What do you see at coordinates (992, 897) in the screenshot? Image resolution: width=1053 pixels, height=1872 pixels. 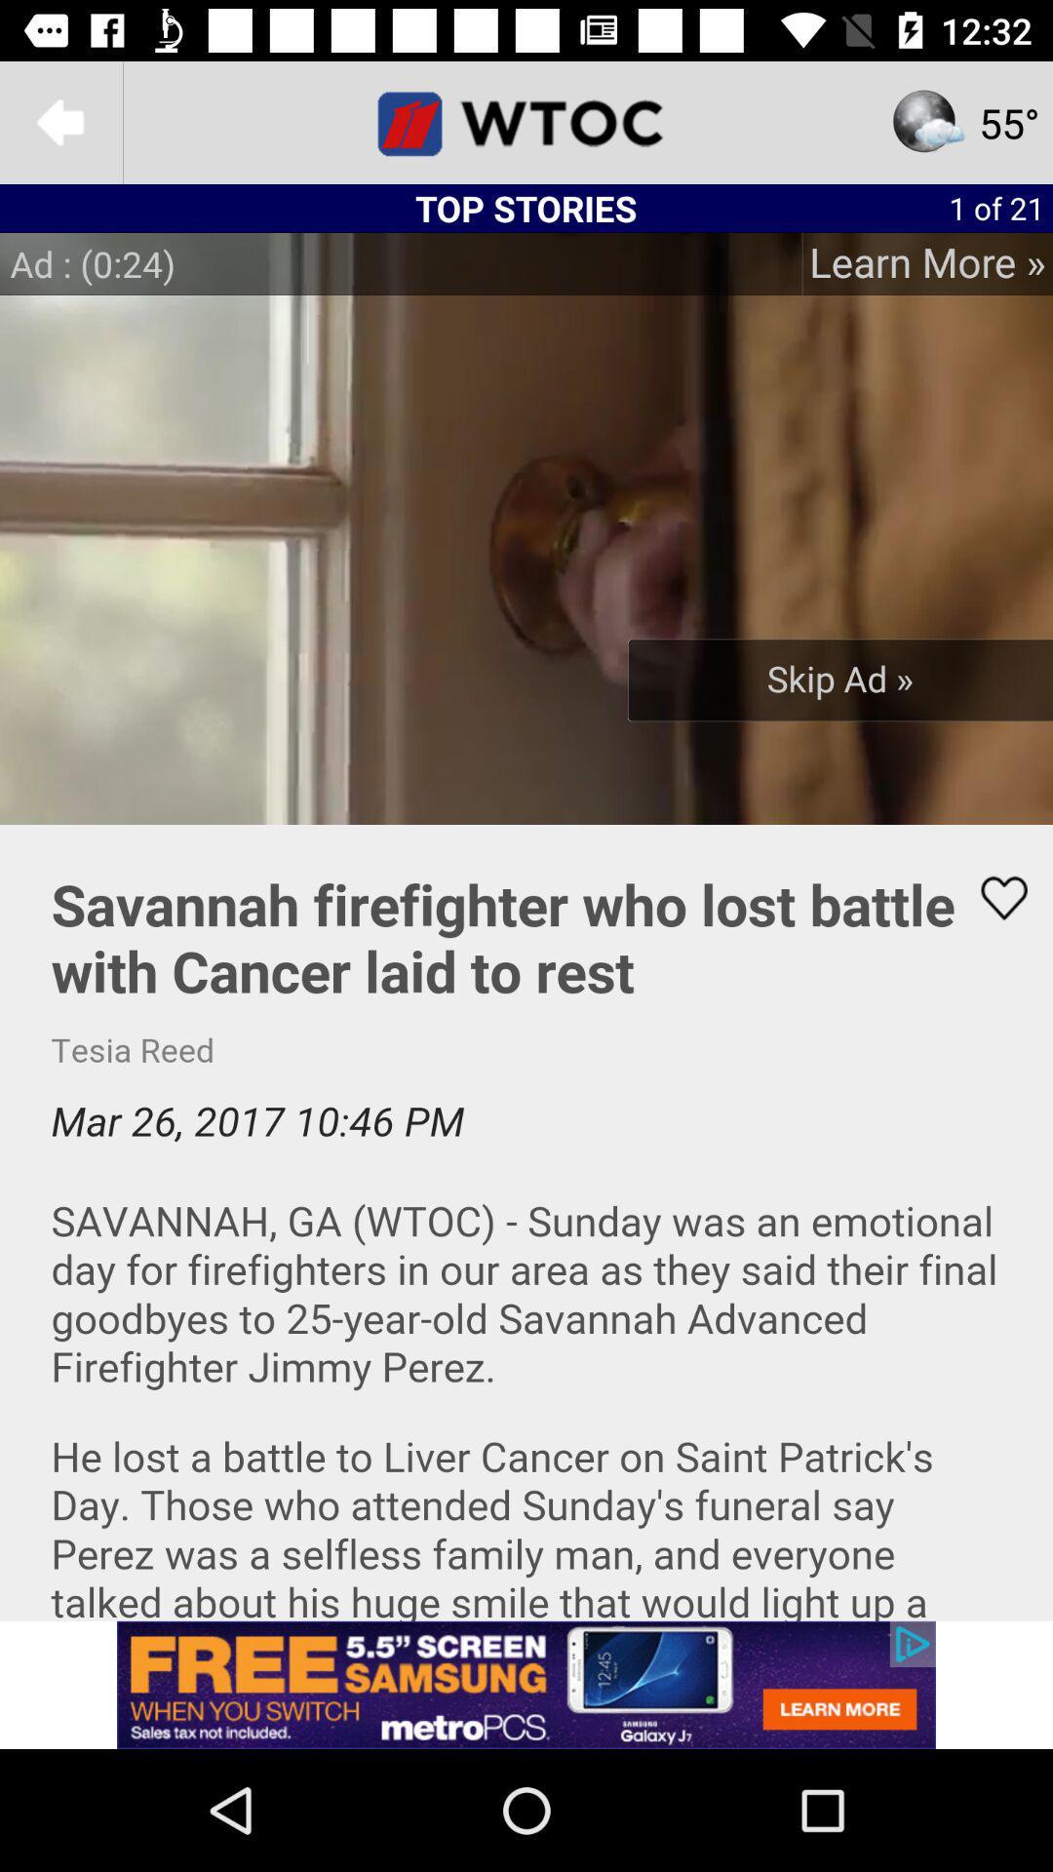 I see `like heart botton` at bounding box center [992, 897].